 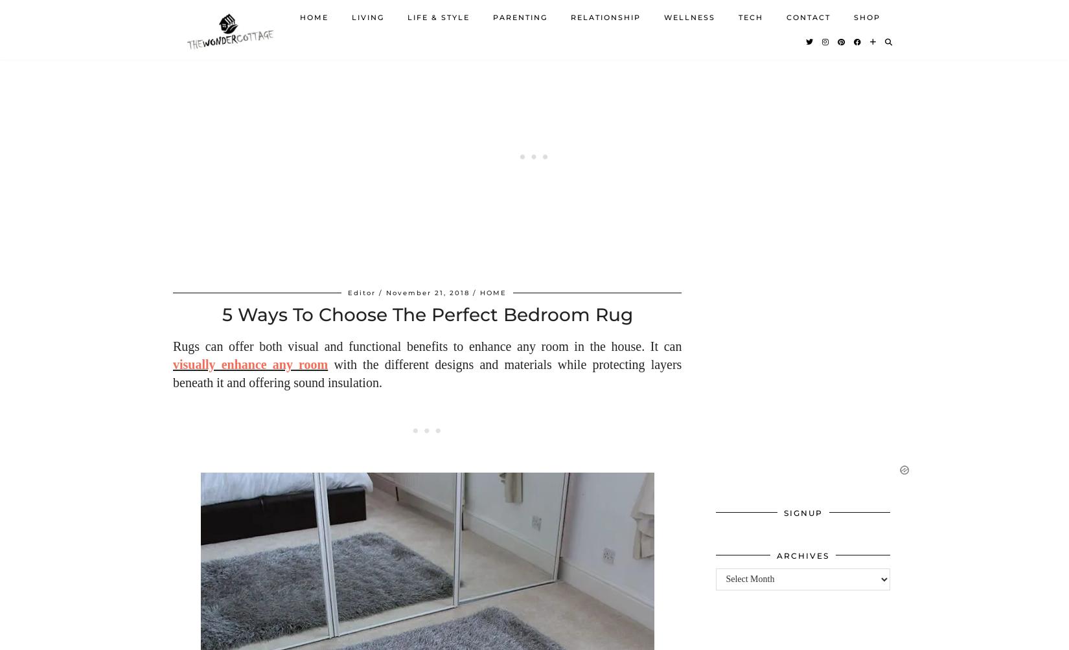 What do you see at coordinates (866, 24) in the screenshot?
I see `'Shop'` at bounding box center [866, 24].